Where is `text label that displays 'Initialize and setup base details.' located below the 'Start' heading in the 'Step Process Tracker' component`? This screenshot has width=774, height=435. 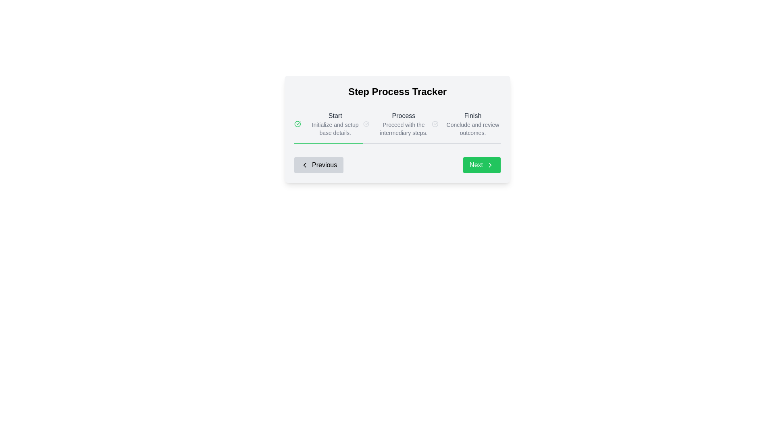 text label that displays 'Initialize and setup base details.' located below the 'Start' heading in the 'Step Process Tracker' component is located at coordinates (335, 128).